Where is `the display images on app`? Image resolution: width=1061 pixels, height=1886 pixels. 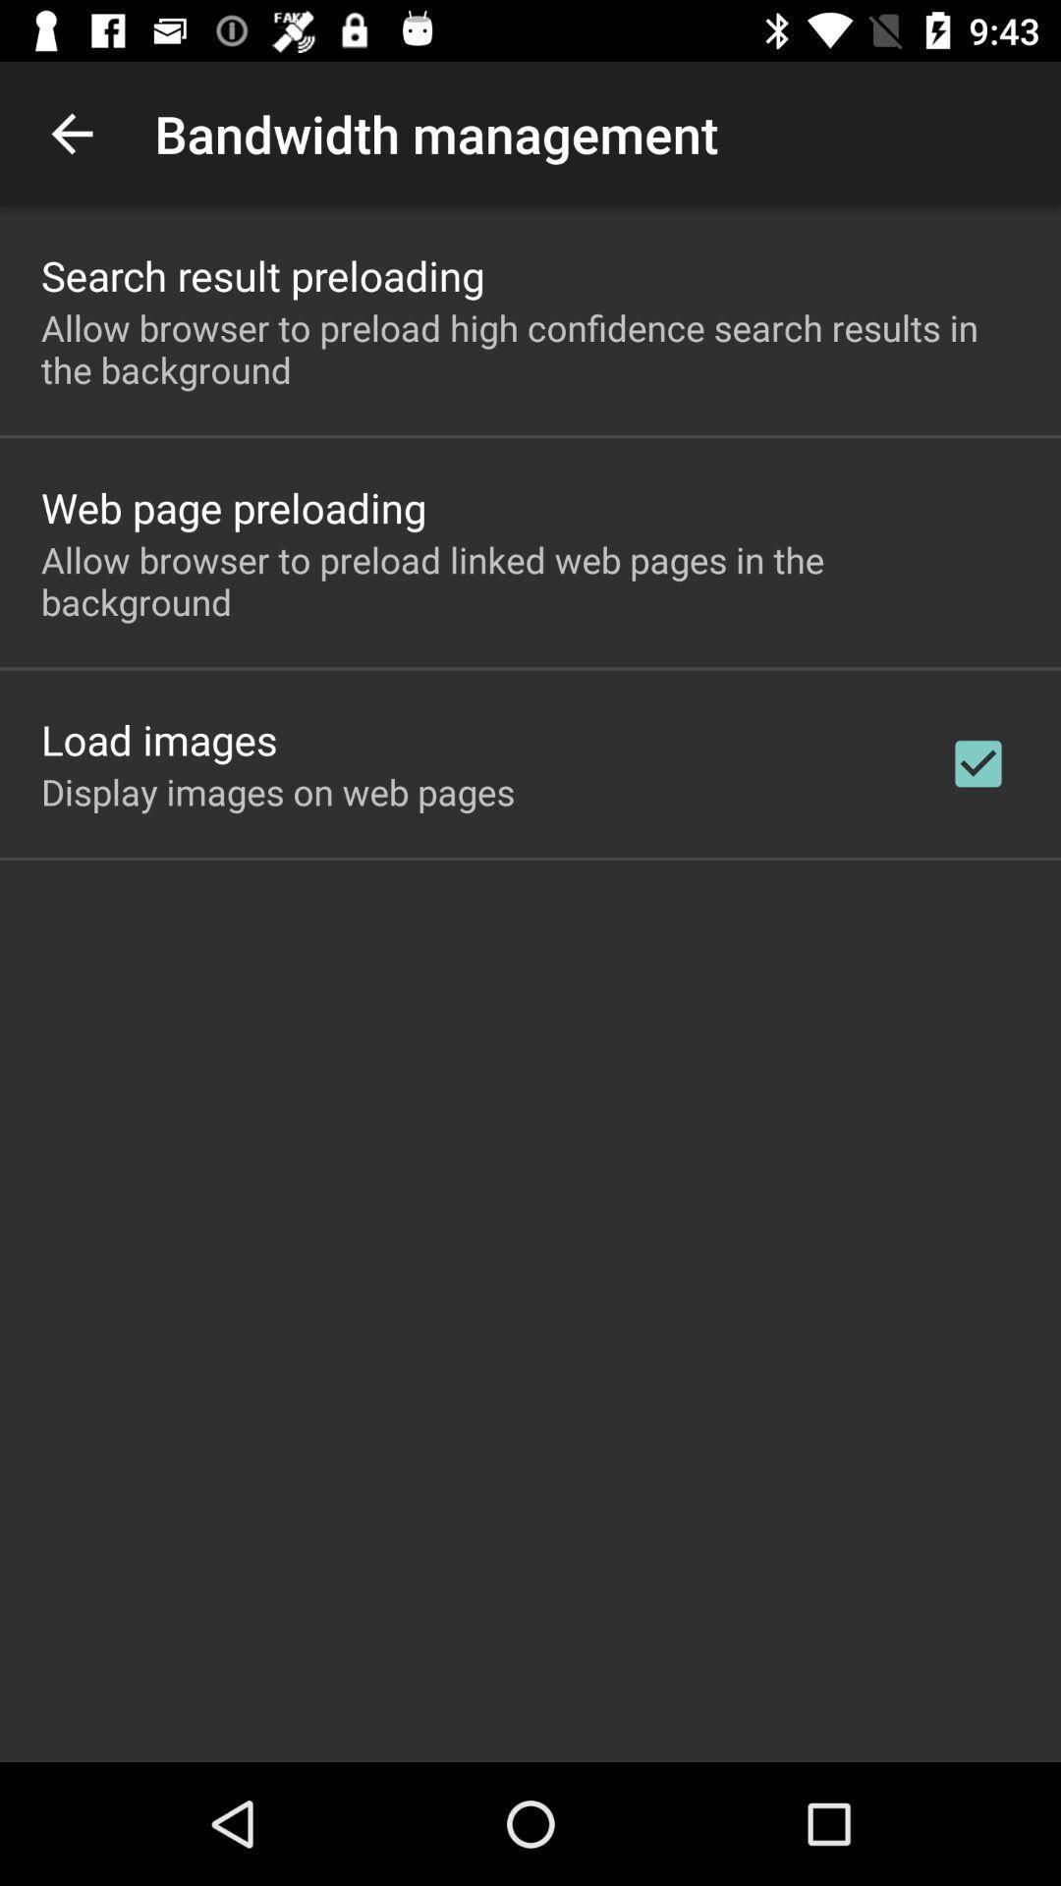 the display images on app is located at coordinates (278, 792).